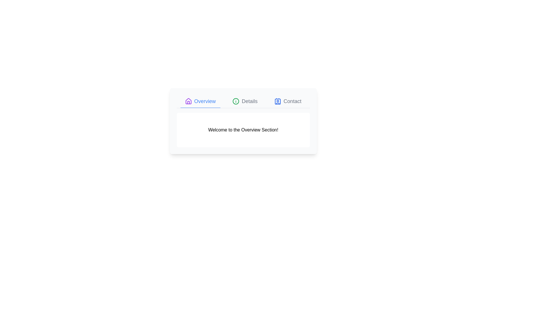 Image resolution: width=551 pixels, height=310 pixels. Describe the element at coordinates (288, 101) in the screenshot. I see `the Contact tab to examine its content` at that location.